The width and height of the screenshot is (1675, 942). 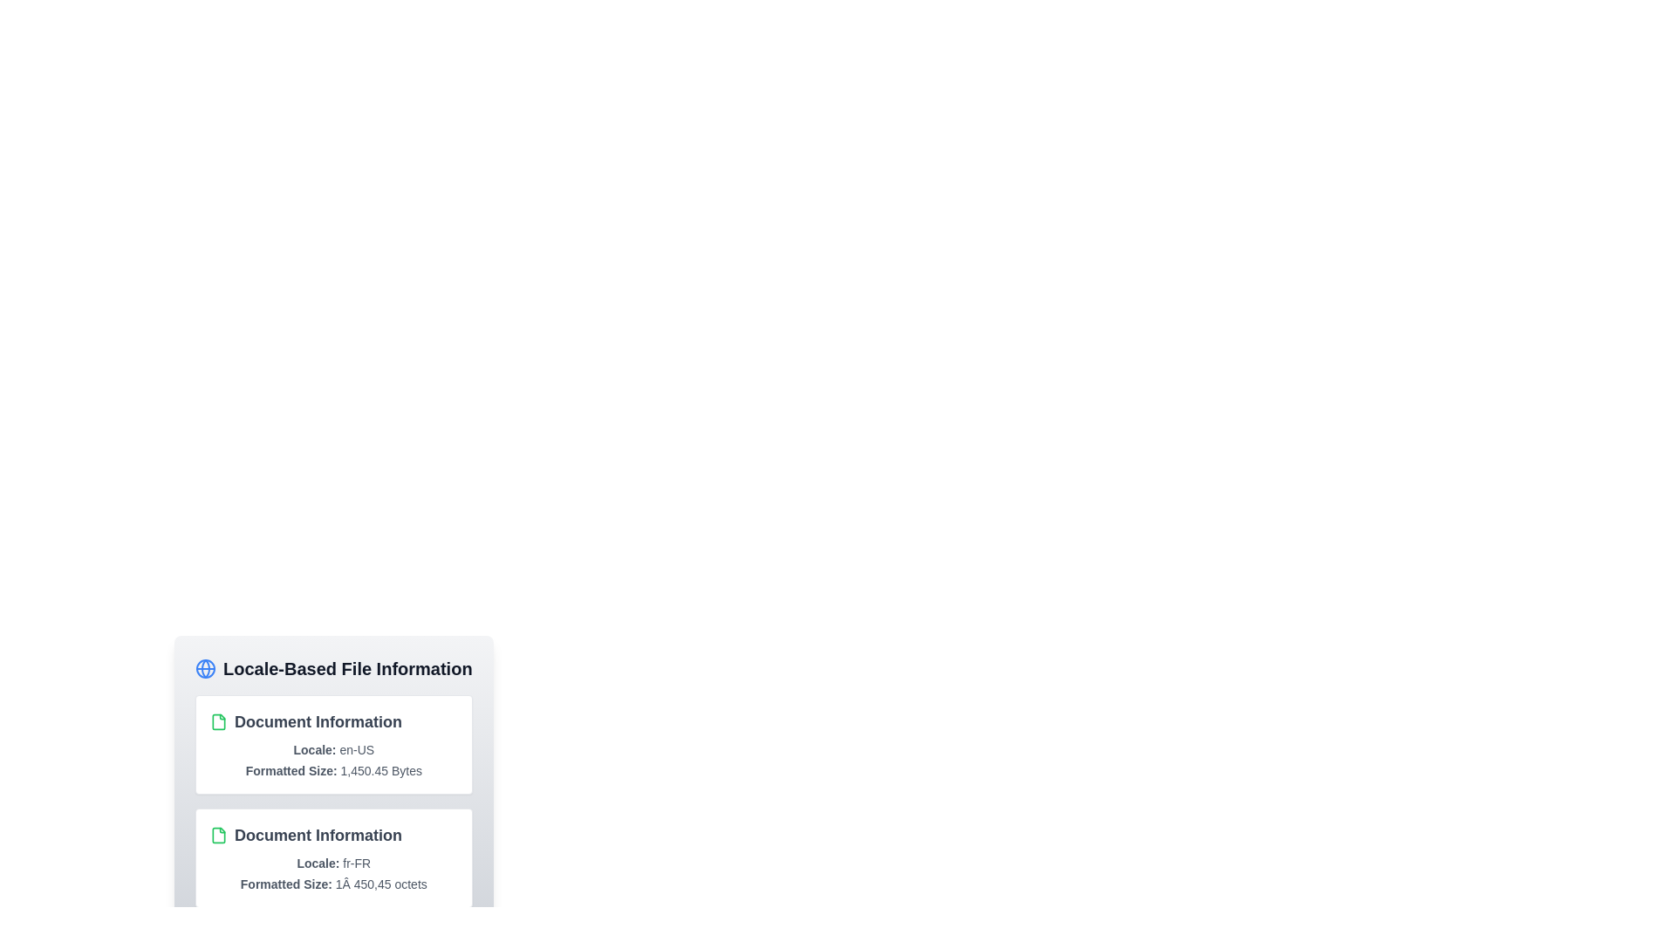 I want to click on the static text label that indicates the locale value ('fr-FR'), located in the second 'Document Information' section, below the first entry, so click(x=318, y=863).